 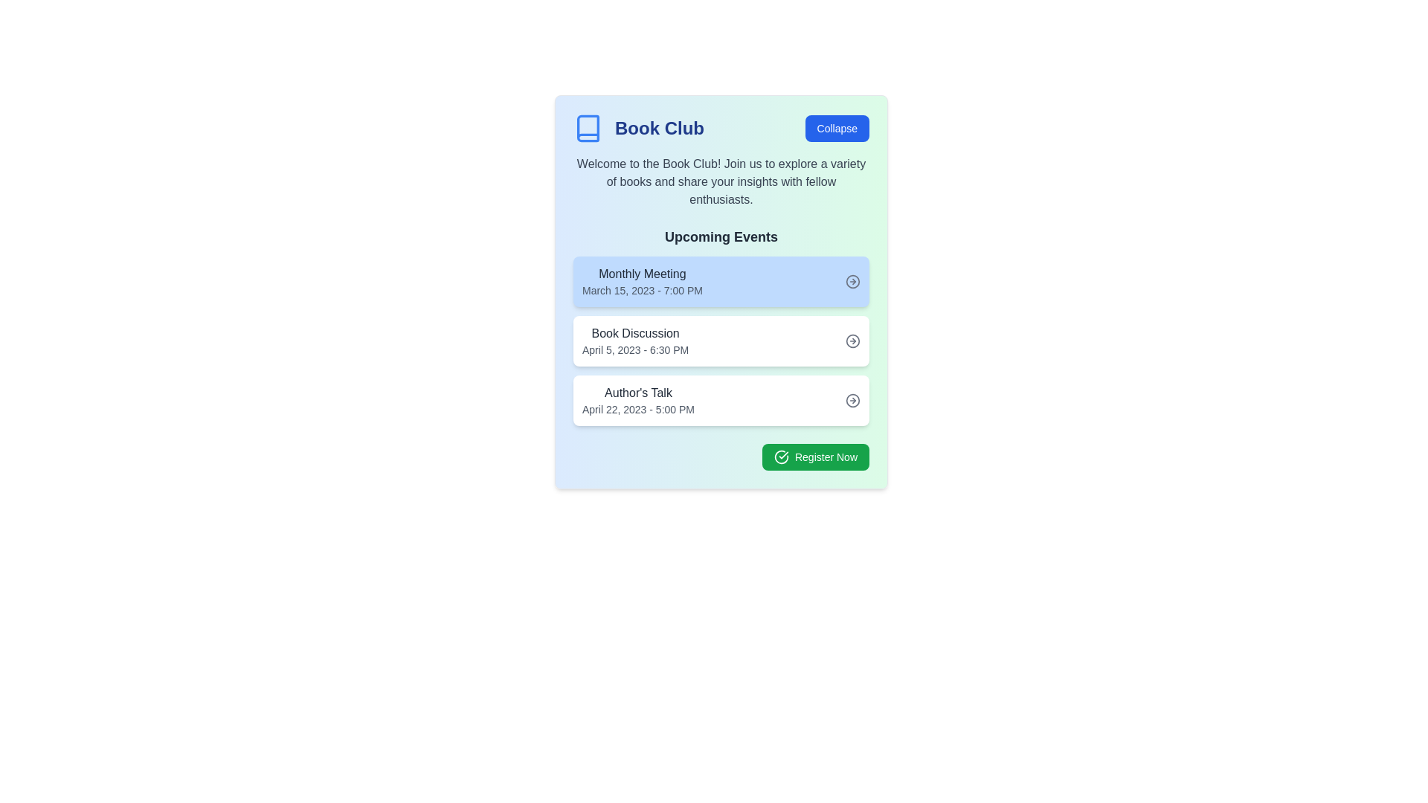 I want to click on the collapse button located at the top right of the 'Book Club' section, so click(x=837, y=128).